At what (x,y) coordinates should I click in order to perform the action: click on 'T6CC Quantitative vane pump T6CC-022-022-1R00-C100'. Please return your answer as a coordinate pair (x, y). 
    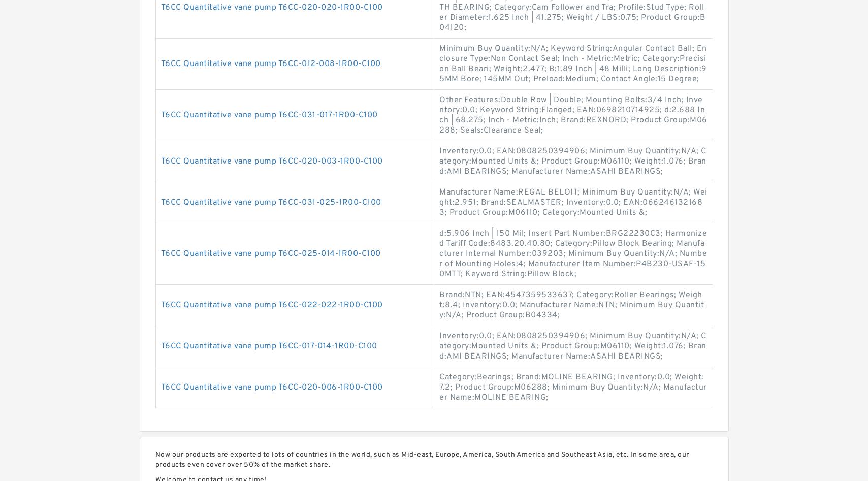
    Looking at the image, I should click on (271, 305).